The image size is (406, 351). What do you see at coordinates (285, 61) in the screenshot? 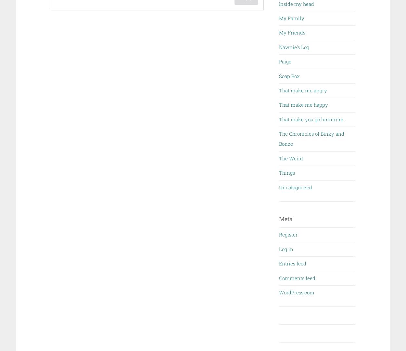
I see `'Paige'` at bounding box center [285, 61].